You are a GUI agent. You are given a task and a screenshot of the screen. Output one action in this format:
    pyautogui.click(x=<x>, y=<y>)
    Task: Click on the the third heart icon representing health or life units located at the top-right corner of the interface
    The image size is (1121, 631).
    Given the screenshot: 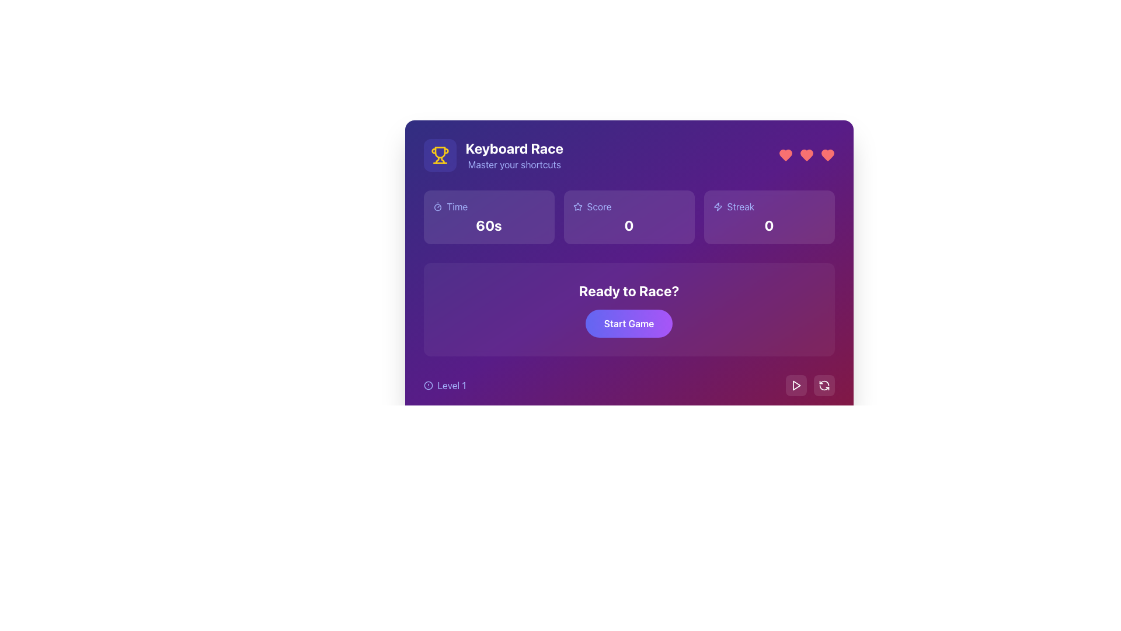 What is the action you would take?
    pyautogui.click(x=827, y=155)
    